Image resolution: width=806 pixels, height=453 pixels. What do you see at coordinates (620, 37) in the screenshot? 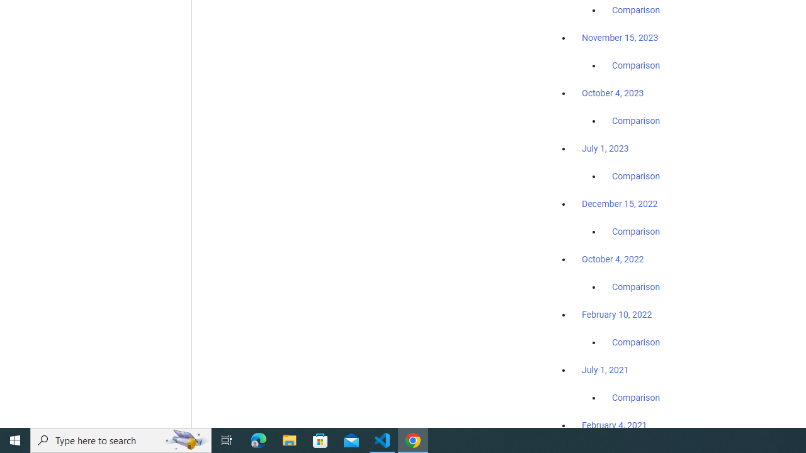
I see `'November 15, 2023'` at bounding box center [620, 37].